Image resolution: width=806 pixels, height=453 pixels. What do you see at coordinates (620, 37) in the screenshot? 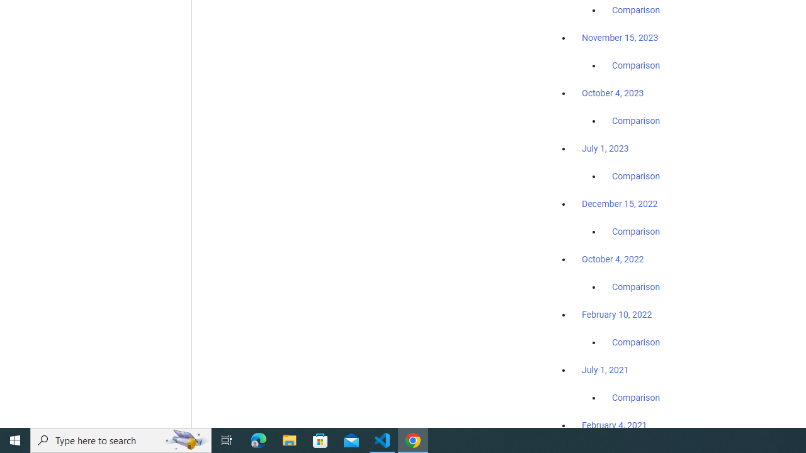
I see `'November 15, 2023'` at bounding box center [620, 37].